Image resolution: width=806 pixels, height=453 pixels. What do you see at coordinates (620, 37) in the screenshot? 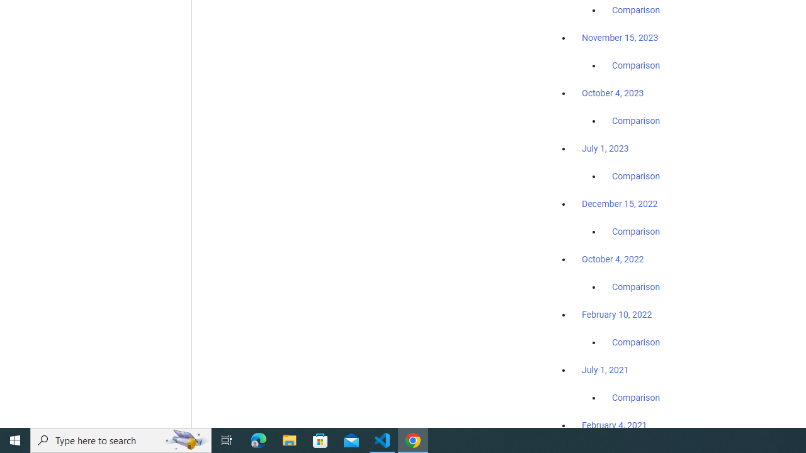
I see `'November 15, 2023'` at bounding box center [620, 37].